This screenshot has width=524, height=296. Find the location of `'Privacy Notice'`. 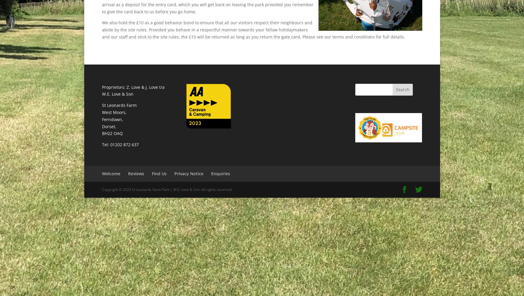

'Privacy Notice' is located at coordinates (188, 173).